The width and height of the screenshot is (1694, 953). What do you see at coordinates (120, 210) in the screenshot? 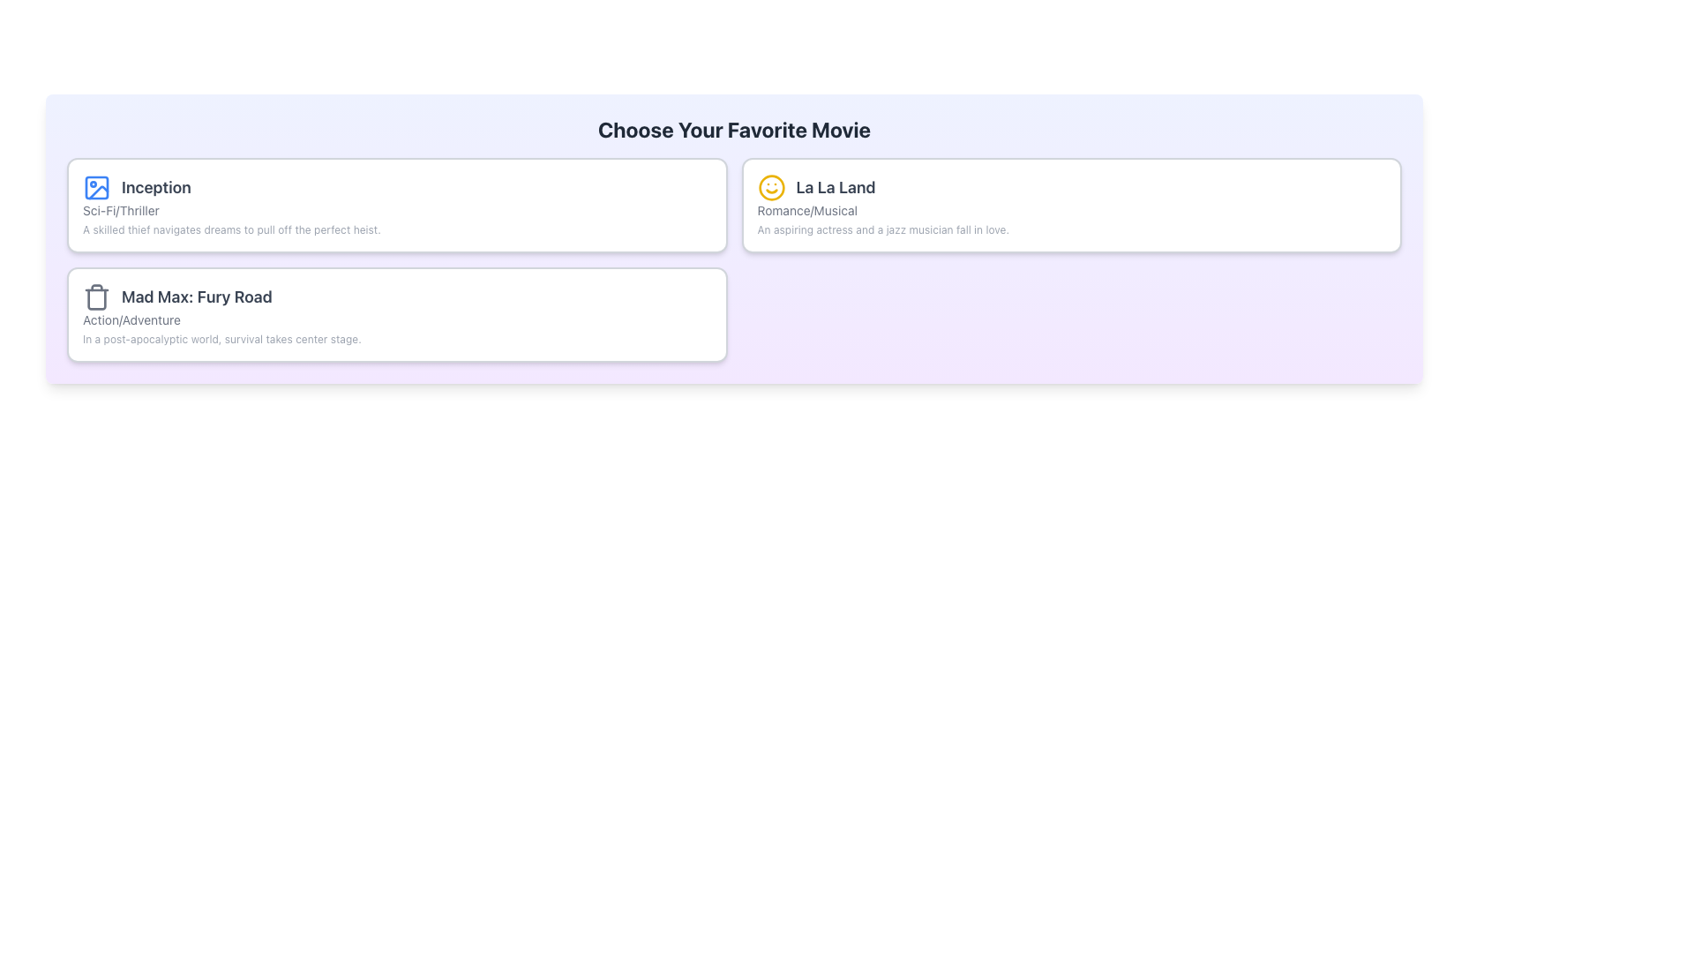
I see `the text label displaying the genre 'Sci-Fi/Thriller' located beneath the title 'Inception'` at bounding box center [120, 210].